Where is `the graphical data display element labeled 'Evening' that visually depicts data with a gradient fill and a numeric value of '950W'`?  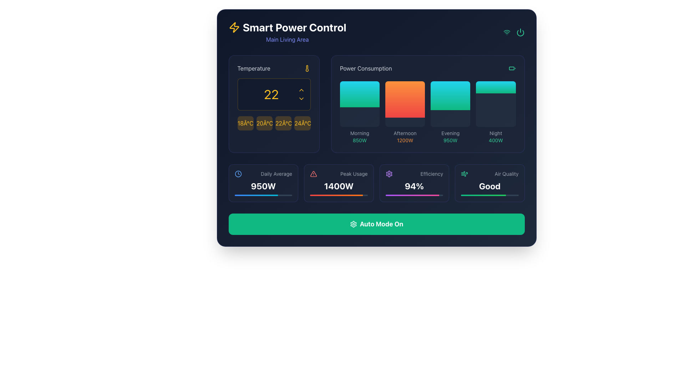 the graphical data display element labeled 'Evening' that visually depicts data with a gradient fill and a numeric value of '950W' is located at coordinates (450, 112).